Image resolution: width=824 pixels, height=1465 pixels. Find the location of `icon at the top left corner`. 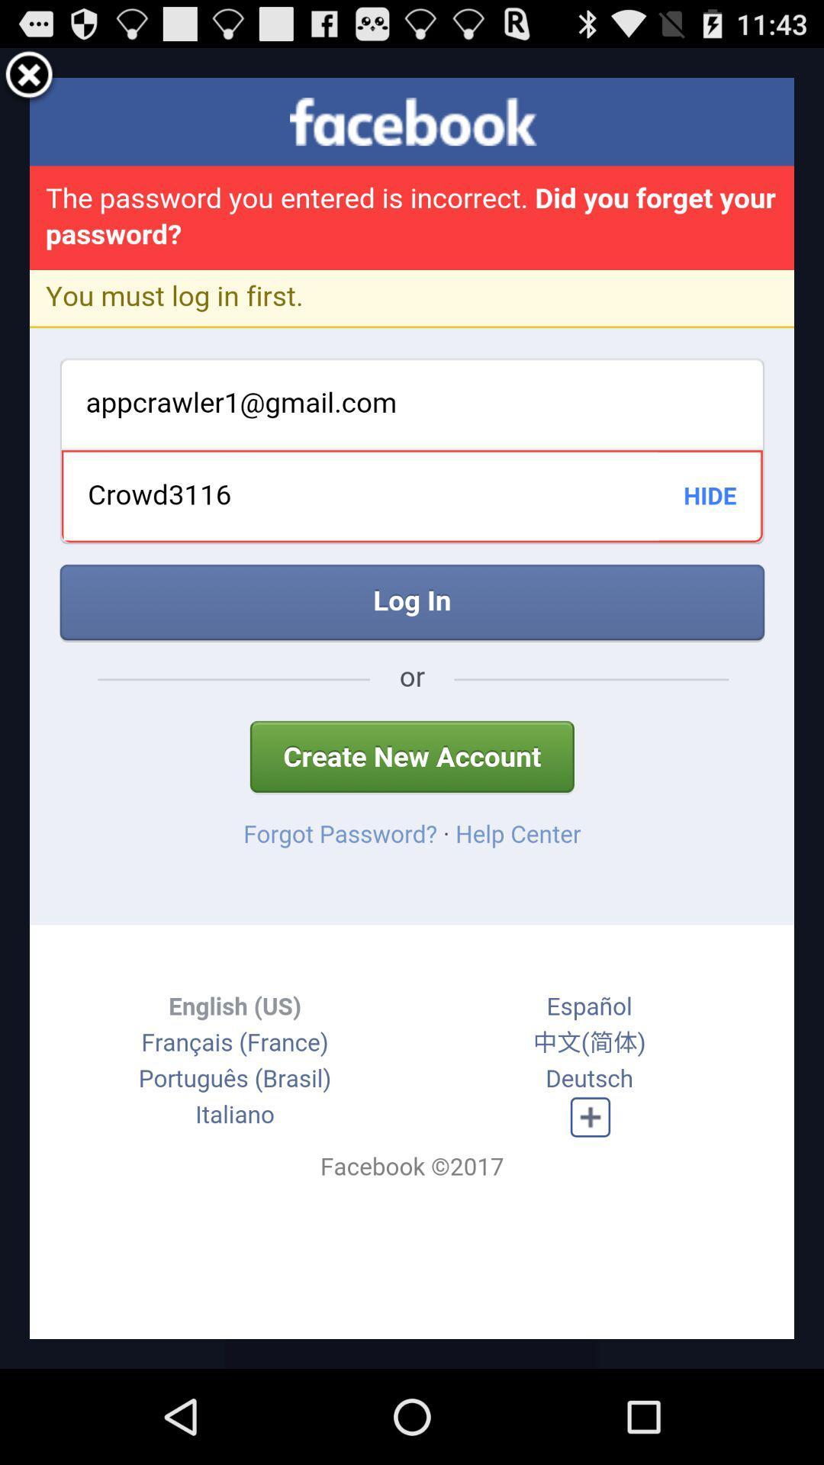

icon at the top left corner is located at coordinates (29, 76).